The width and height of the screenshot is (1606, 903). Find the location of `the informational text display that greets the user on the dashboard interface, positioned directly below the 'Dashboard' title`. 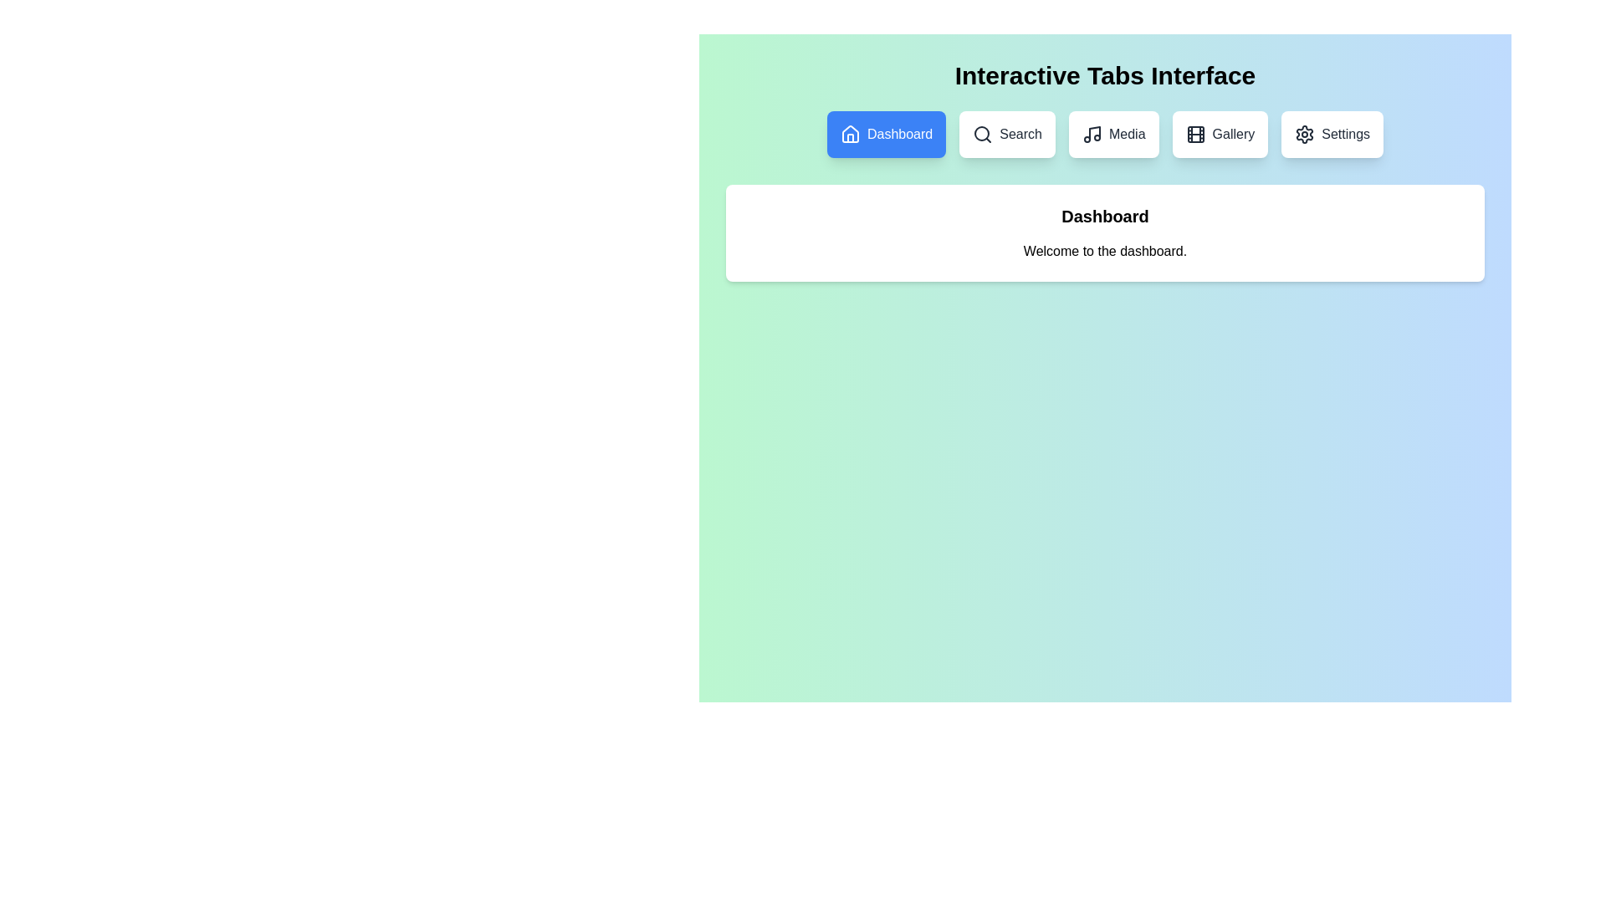

the informational text display that greets the user on the dashboard interface, positioned directly below the 'Dashboard' title is located at coordinates (1105, 251).